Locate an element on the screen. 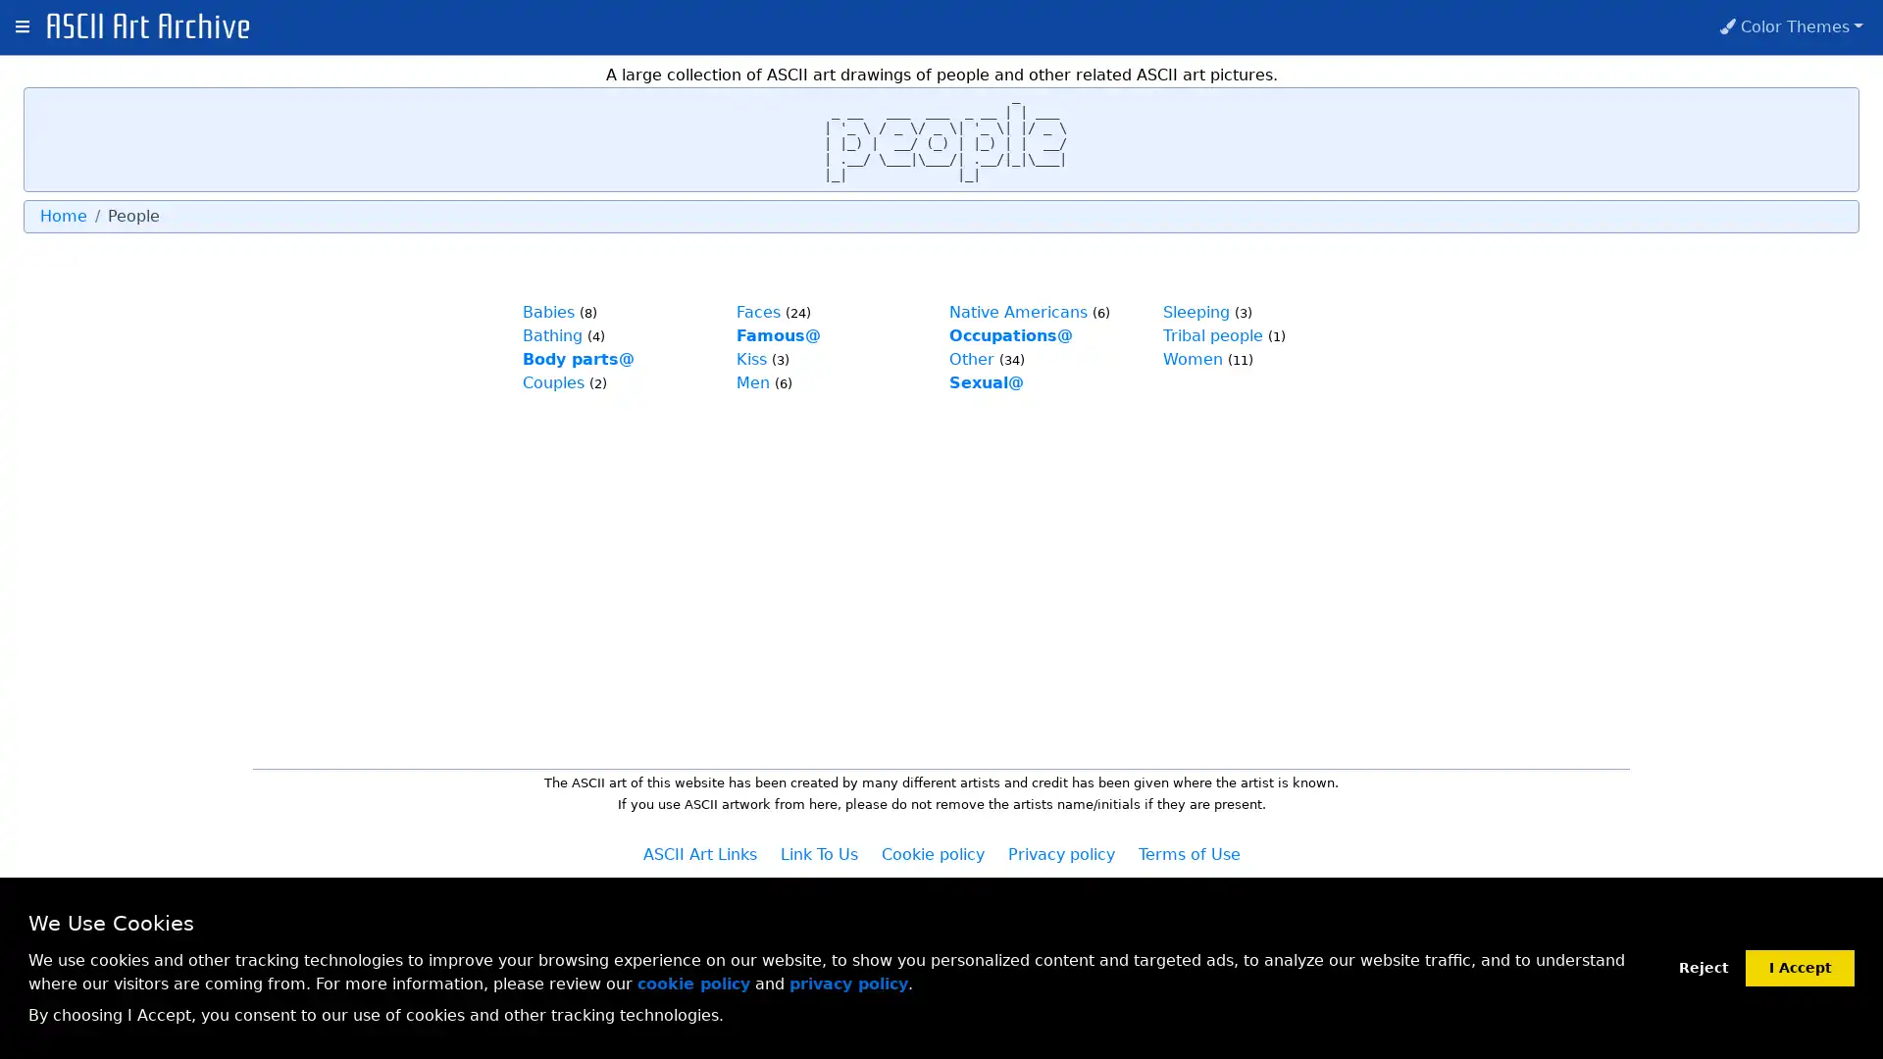  Reject is located at coordinates (1703, 967).